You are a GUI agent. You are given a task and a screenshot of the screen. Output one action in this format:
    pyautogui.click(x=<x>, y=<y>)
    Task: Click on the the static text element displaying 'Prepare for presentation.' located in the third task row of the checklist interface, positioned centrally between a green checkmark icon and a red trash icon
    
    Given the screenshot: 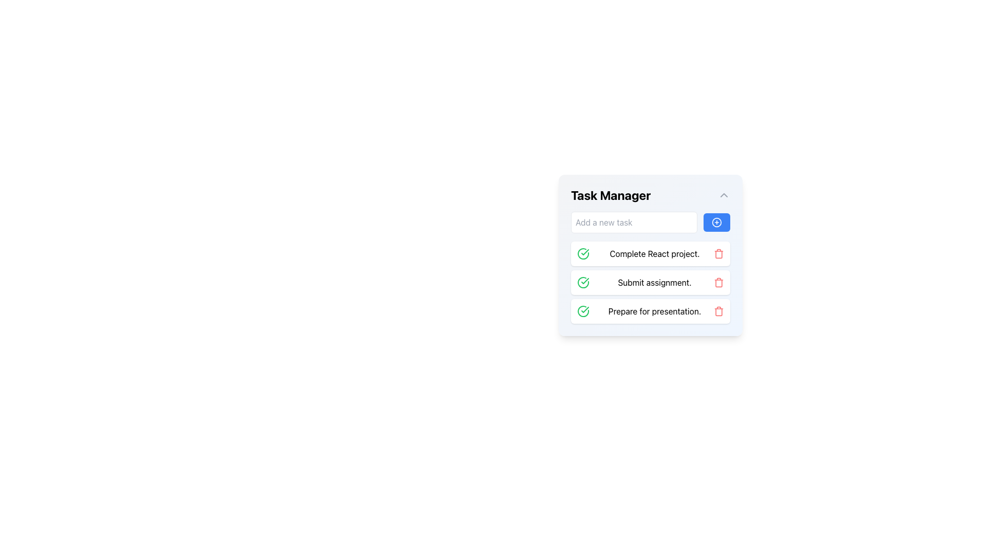 What is the action you would take?
    pyautogui.click(x=654, y=310)
    